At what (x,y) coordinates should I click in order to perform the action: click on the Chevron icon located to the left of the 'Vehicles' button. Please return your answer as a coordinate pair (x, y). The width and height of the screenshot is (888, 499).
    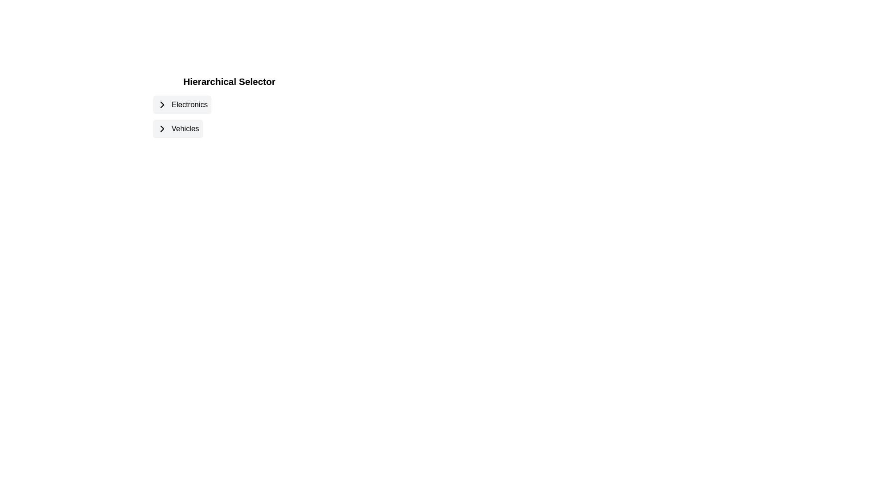
    Looking at the image, I should click on (162, 128).